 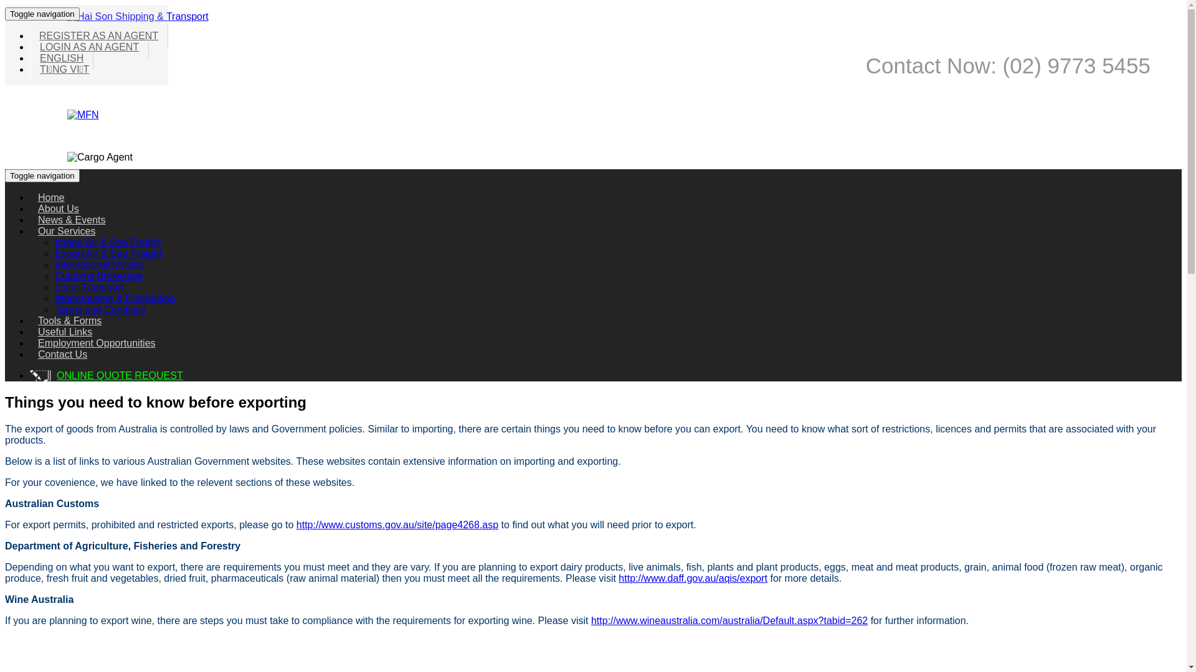 What do you see at coordinates (98, 35) in the screenshot?
I see `'REGISTER AS AN AGENT'` at bounding box center [98, 35].